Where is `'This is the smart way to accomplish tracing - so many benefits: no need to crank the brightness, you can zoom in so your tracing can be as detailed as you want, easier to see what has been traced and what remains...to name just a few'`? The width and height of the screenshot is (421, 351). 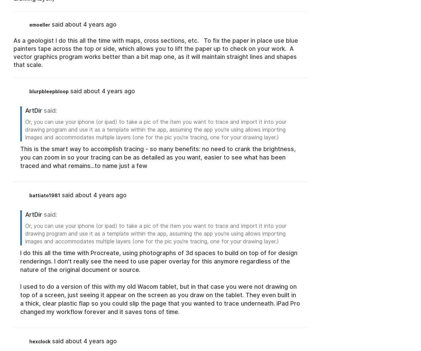 'This is the smart way to accomplish tracing - so many benefits: no need to crank the brightness, you can zoom in so your tracing can be as detailed as you want, easier to see what has been traced and what remains...to name just a few' is located at coordinates (158, 156).